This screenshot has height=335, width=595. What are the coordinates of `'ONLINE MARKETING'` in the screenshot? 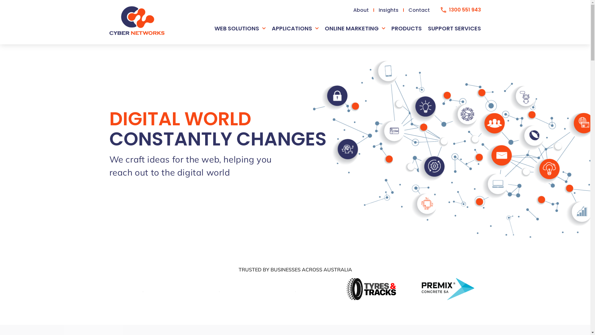 It's located at (355, 29).